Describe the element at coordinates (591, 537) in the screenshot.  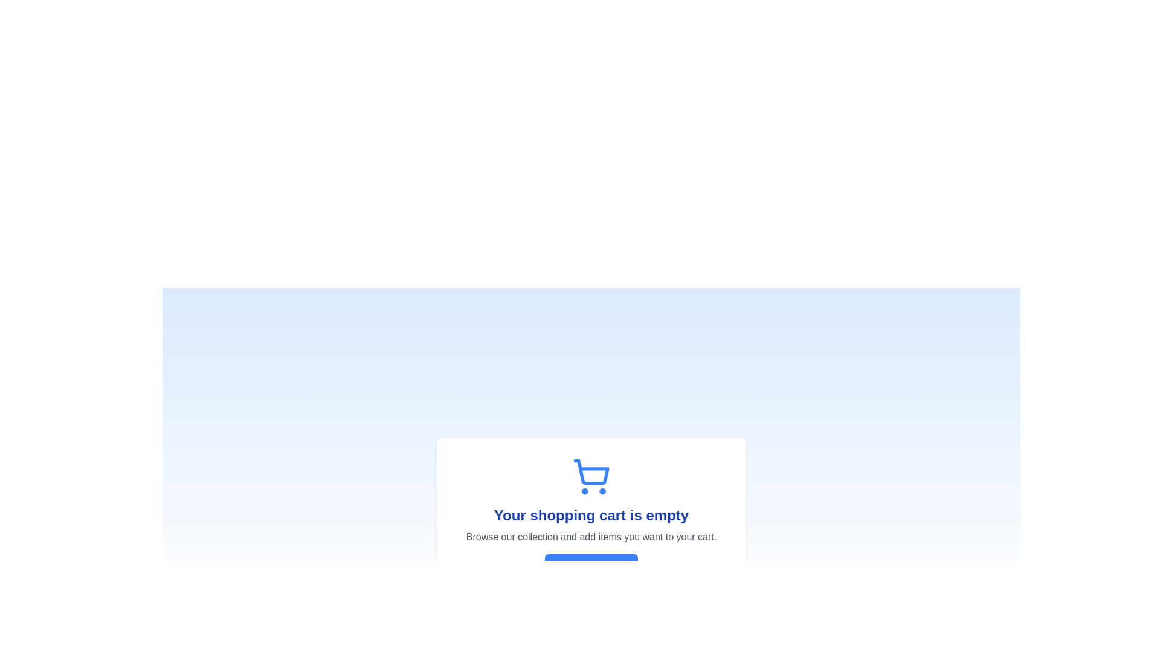
I see `the informational text block located below the heading 'Your shopping cart is empty' and above the button 'Start Shopping'` at that location.